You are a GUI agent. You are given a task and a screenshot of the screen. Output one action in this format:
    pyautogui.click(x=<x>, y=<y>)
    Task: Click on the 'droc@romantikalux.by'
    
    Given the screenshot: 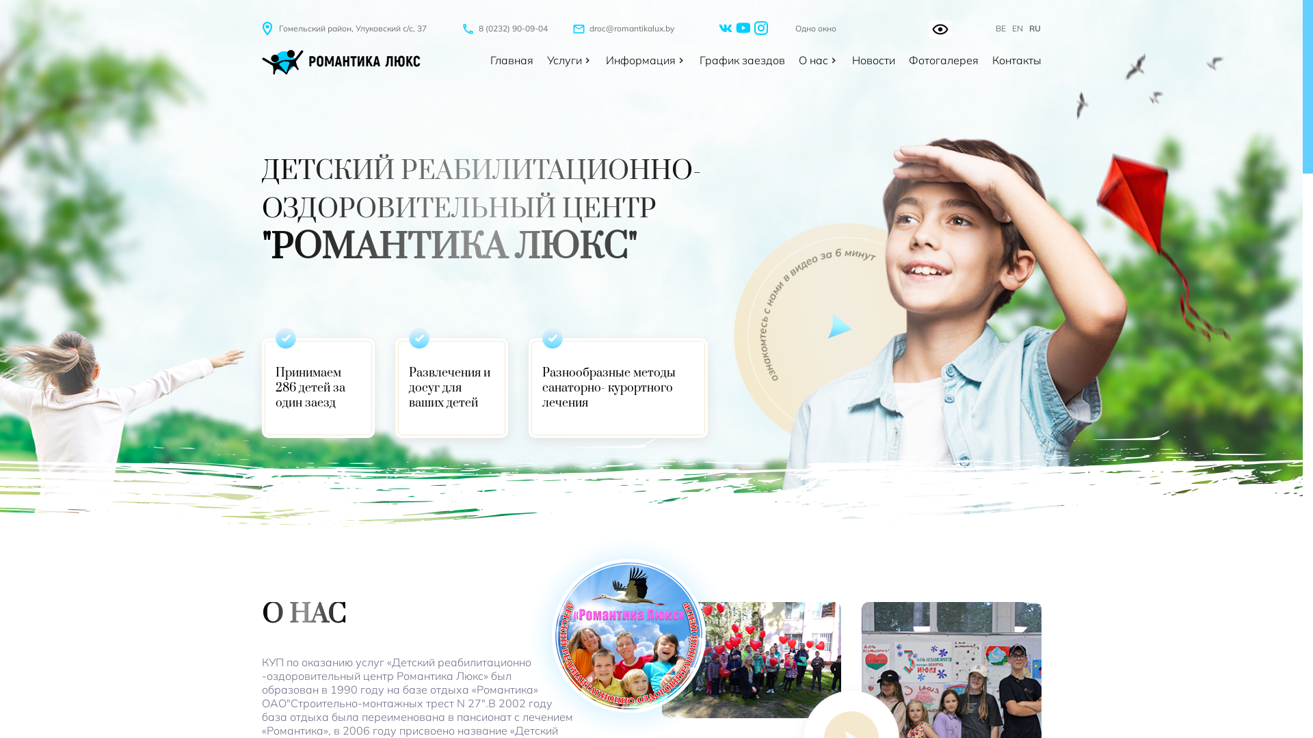 What is the action you would take?
    pyautogui.click(x=622, y=29)
    